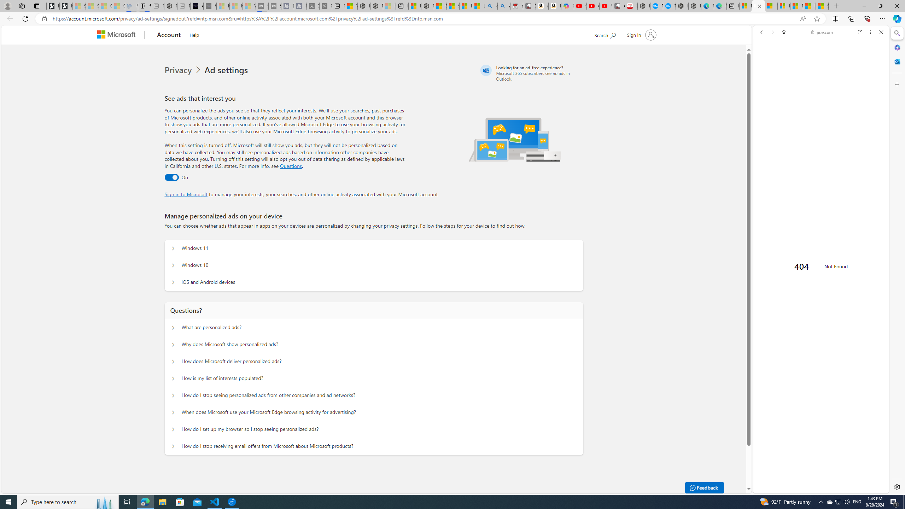 This screenshot has width=905, height=509. I want to click on 'SEARCH TOOLS', so click(839, 81).